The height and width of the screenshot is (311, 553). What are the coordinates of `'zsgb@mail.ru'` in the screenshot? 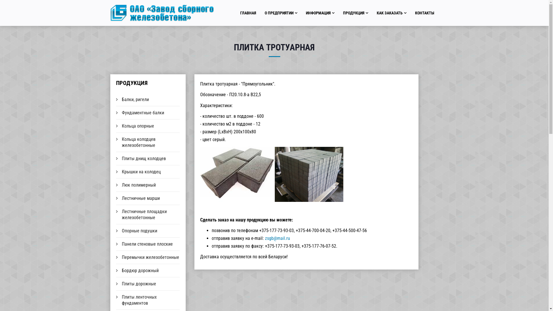 It's located at (277, 238).